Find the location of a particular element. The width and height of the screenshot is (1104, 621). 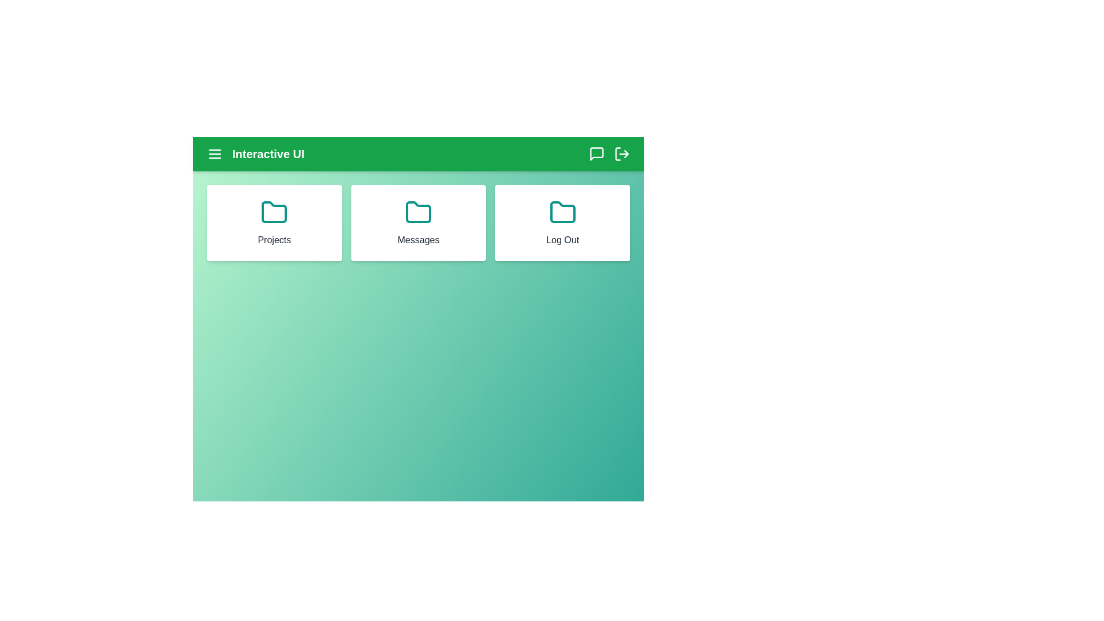

the element corresponding to Projects is located at coordinates (273, 223).